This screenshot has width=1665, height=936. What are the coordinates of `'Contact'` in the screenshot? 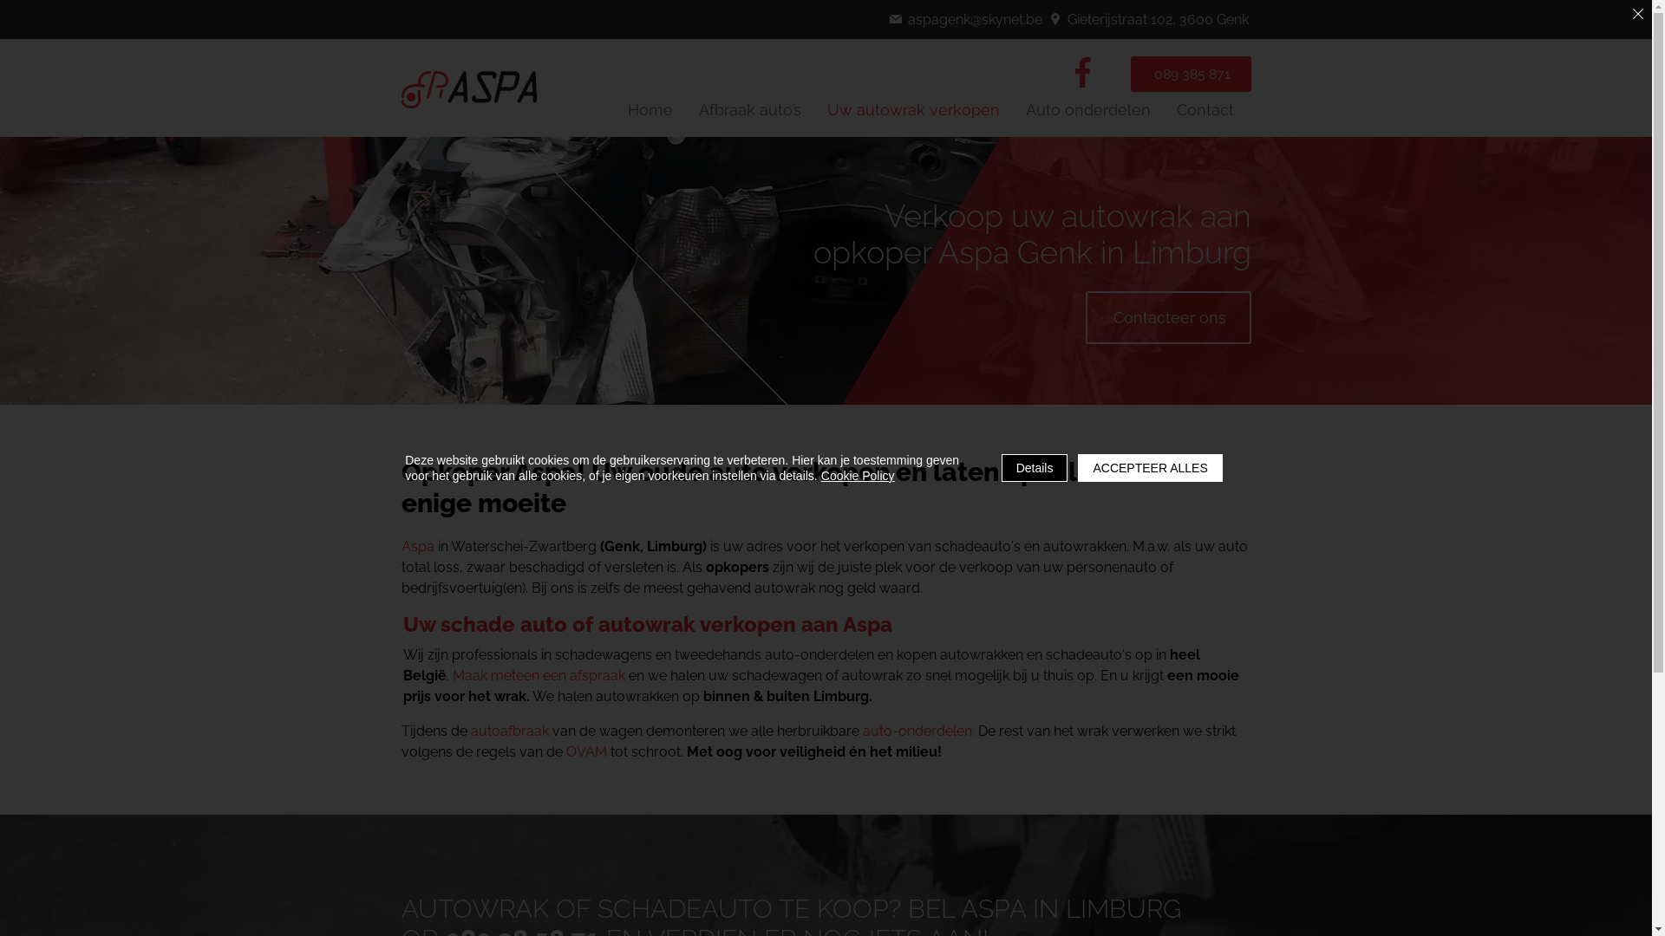 It's located at (1203, 109).